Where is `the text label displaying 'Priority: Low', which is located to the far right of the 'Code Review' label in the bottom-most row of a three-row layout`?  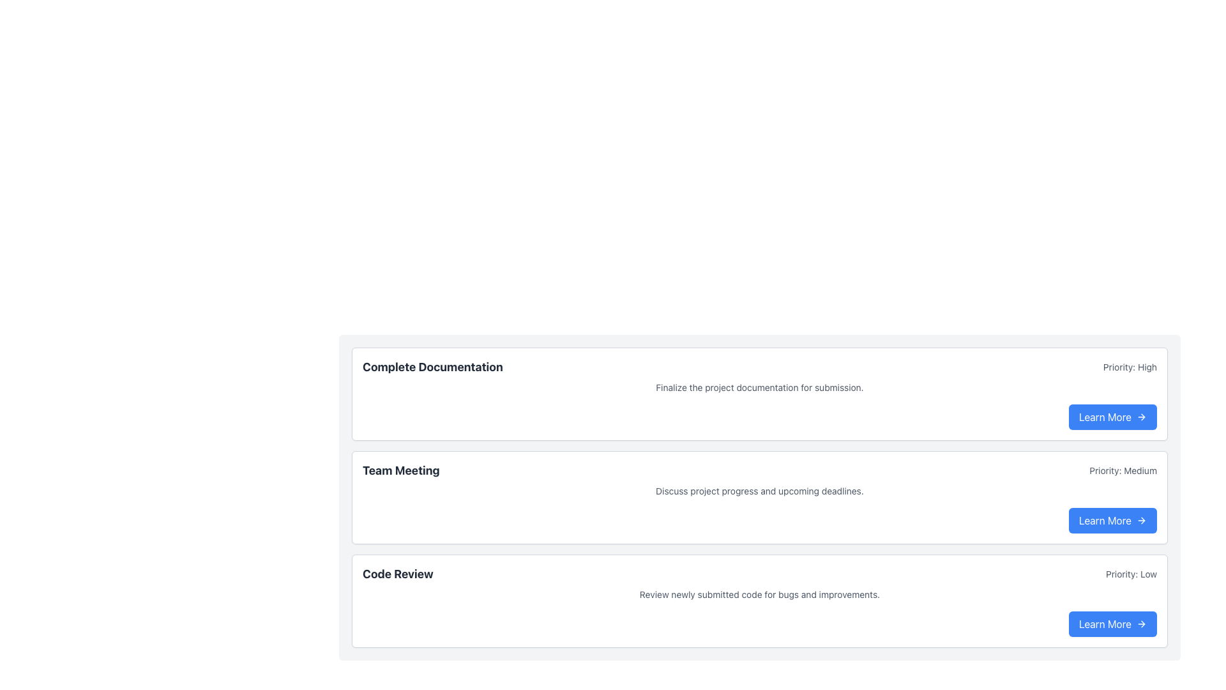 the text label displaying 'Priority: Low', which is located to the far right of the 'Code Review' label in the bottom-most row of a three-row layout is located at coordinates (1131, 573).